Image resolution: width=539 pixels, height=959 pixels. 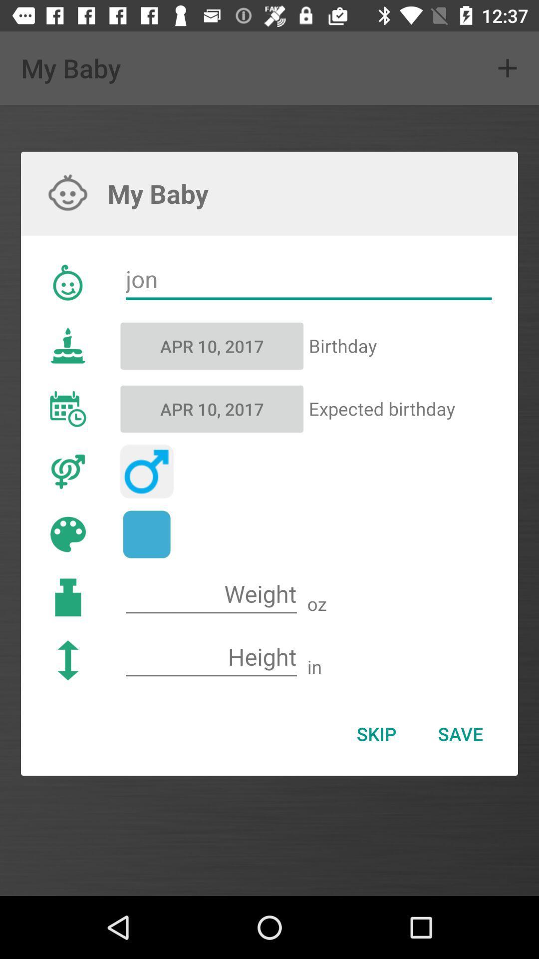 What do you see at coordinates (211, 657) in the screenshot?
I see `a value height in inches` at bounding box center [211, 657].